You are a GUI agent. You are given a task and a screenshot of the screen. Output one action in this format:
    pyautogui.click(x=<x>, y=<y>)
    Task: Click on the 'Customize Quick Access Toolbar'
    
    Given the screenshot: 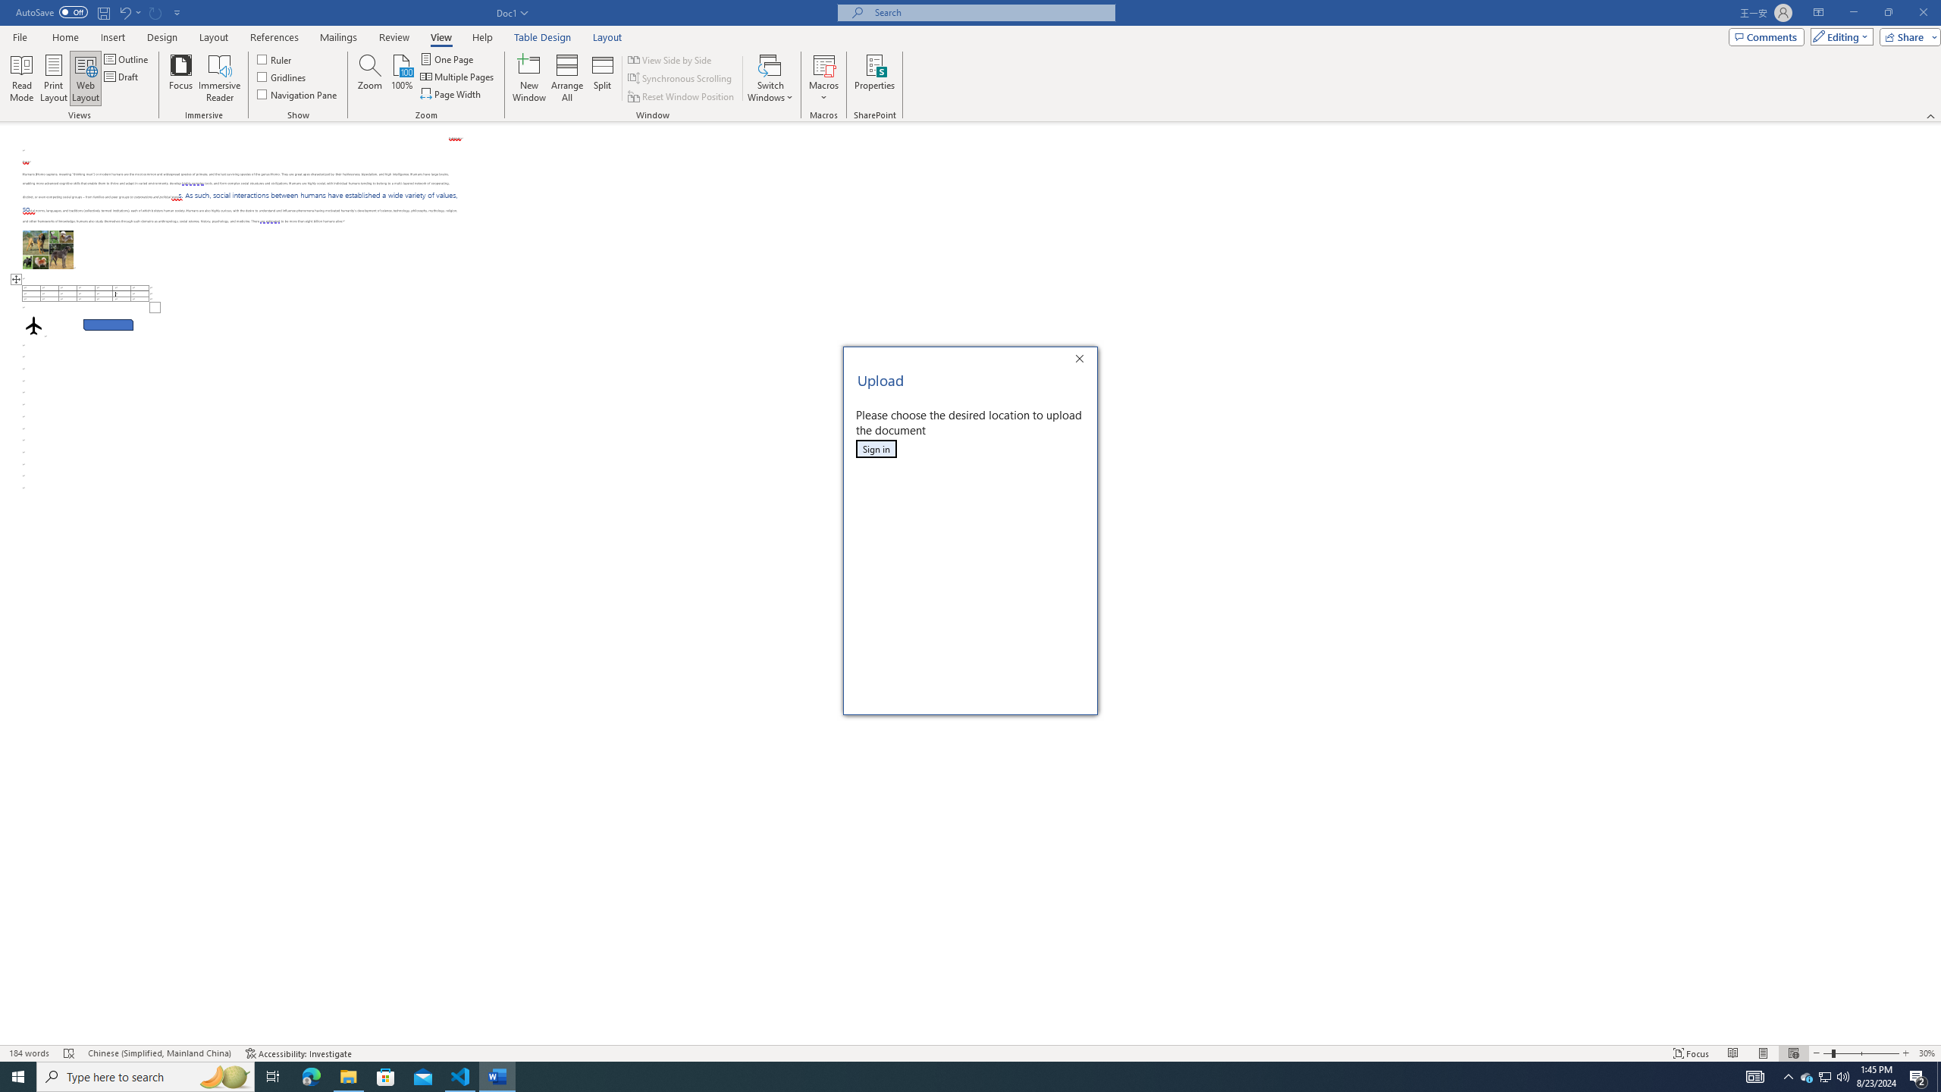 What is the action you would take?
    pyautogui.click(x=177, y=11)
    